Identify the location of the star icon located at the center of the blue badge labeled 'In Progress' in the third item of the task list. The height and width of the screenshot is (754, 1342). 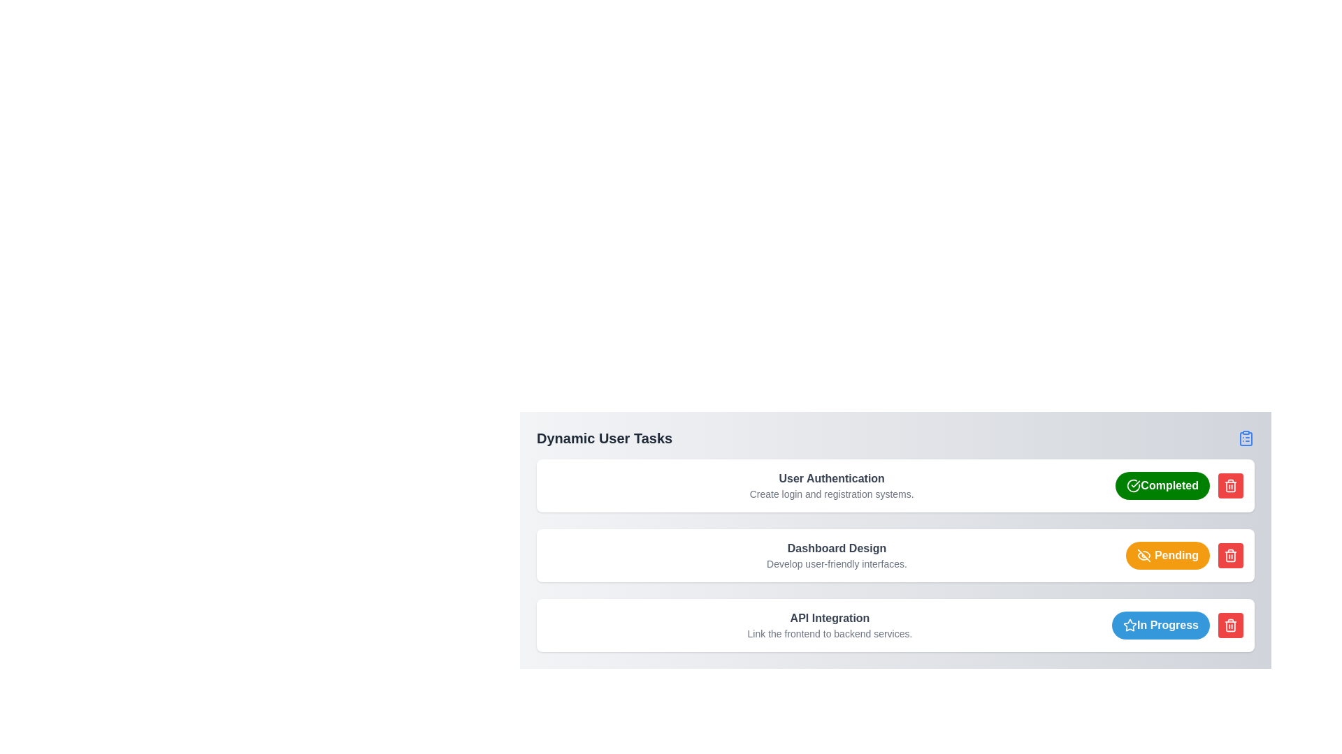
(1130, 624).